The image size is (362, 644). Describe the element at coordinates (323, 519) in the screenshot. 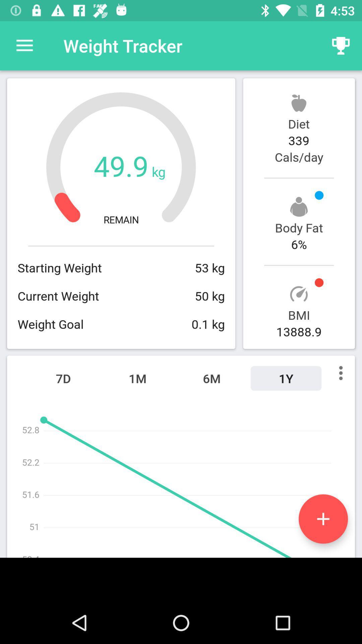

I see `the add icon` at that location.